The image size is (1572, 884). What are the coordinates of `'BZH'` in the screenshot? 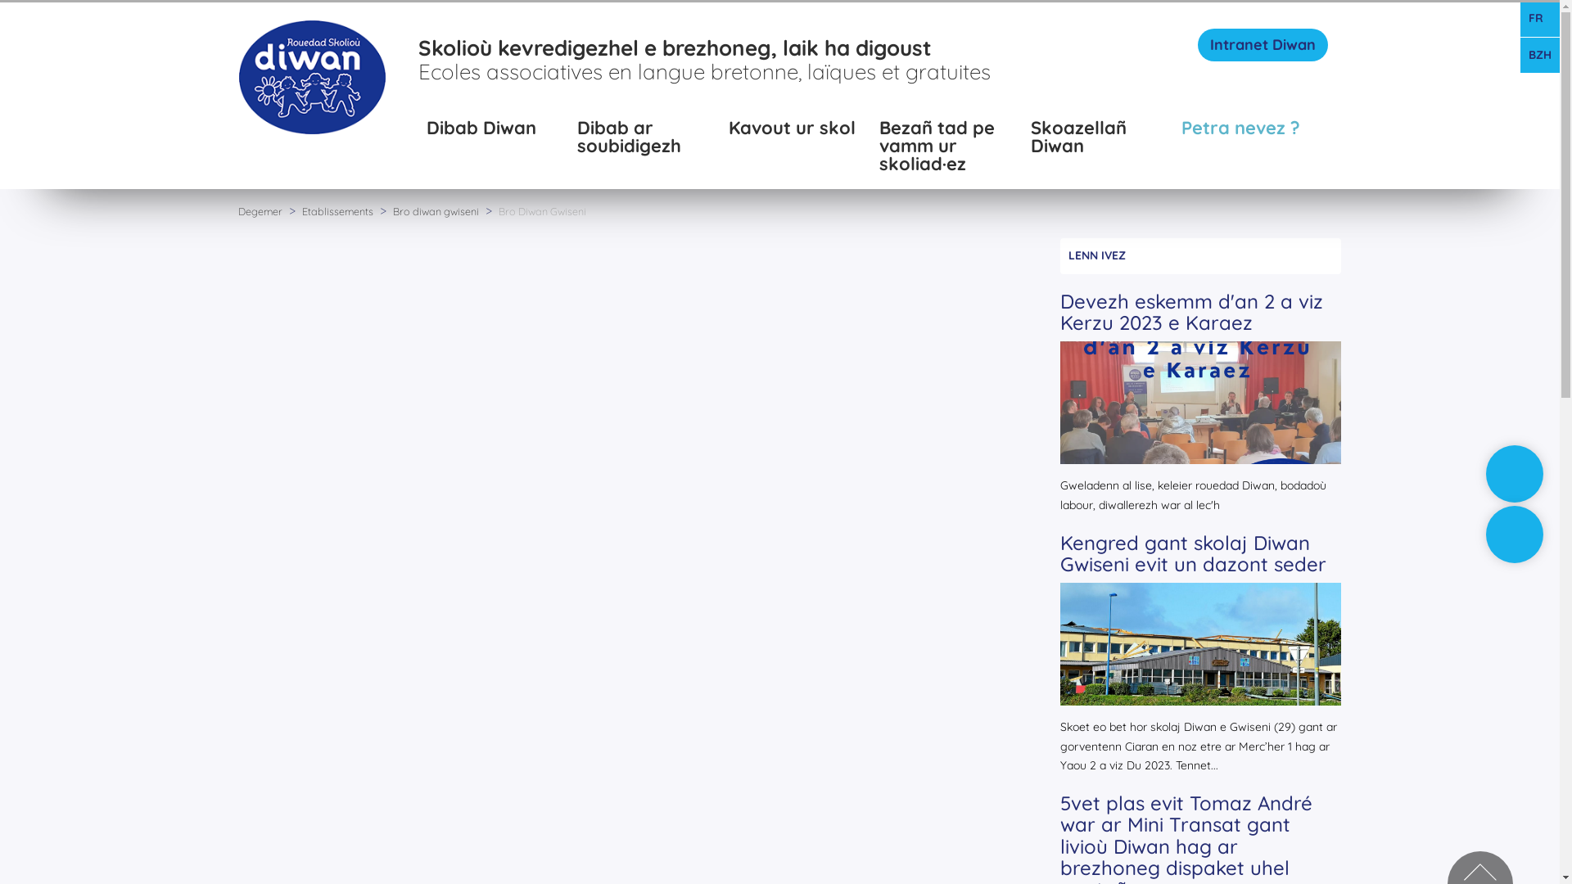 It's located at (1539, 55).